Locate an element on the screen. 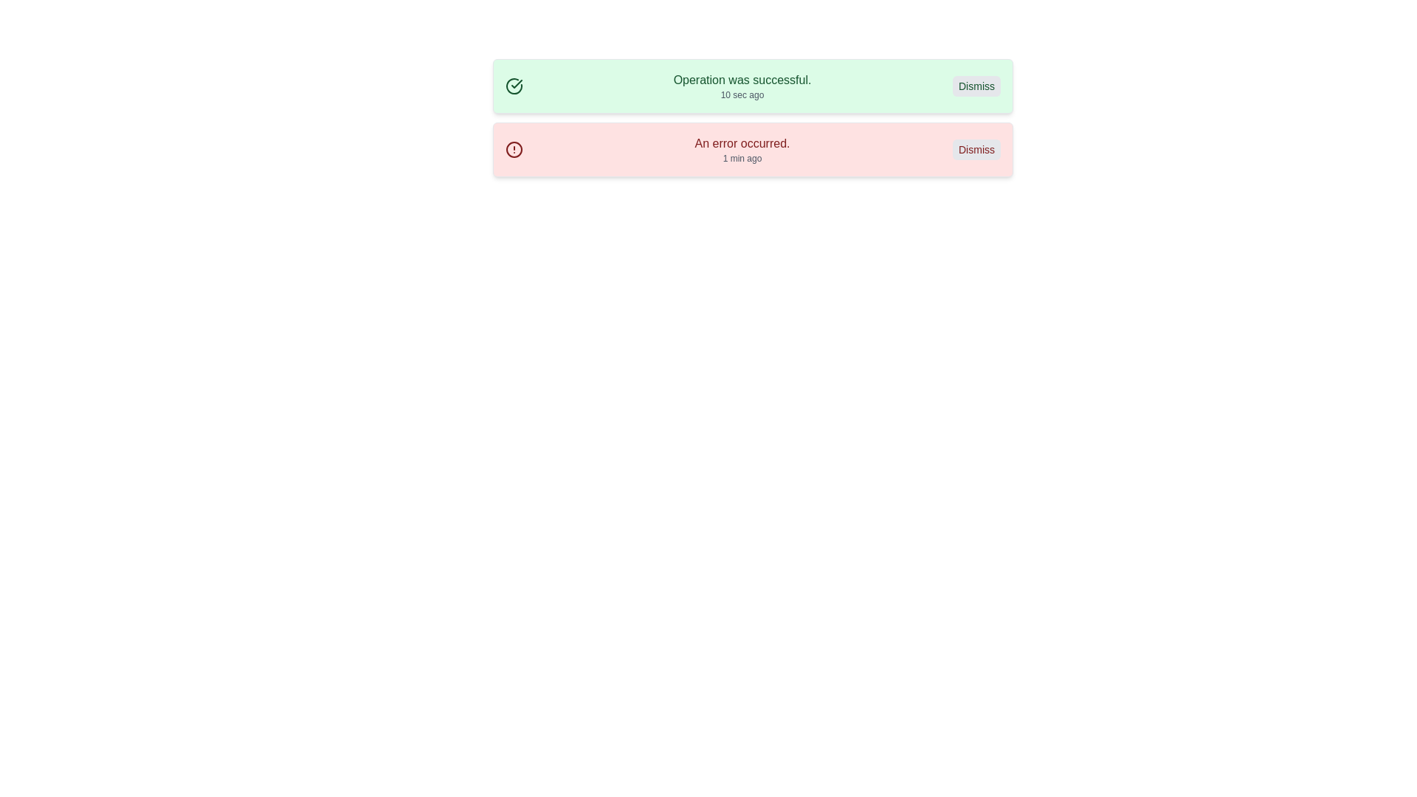  the alert icon in the red-themed notification bar that indicates an error message, which is located to the left of the text 'An error occurred. 1 min ago' is located at coordinates (514, 150).